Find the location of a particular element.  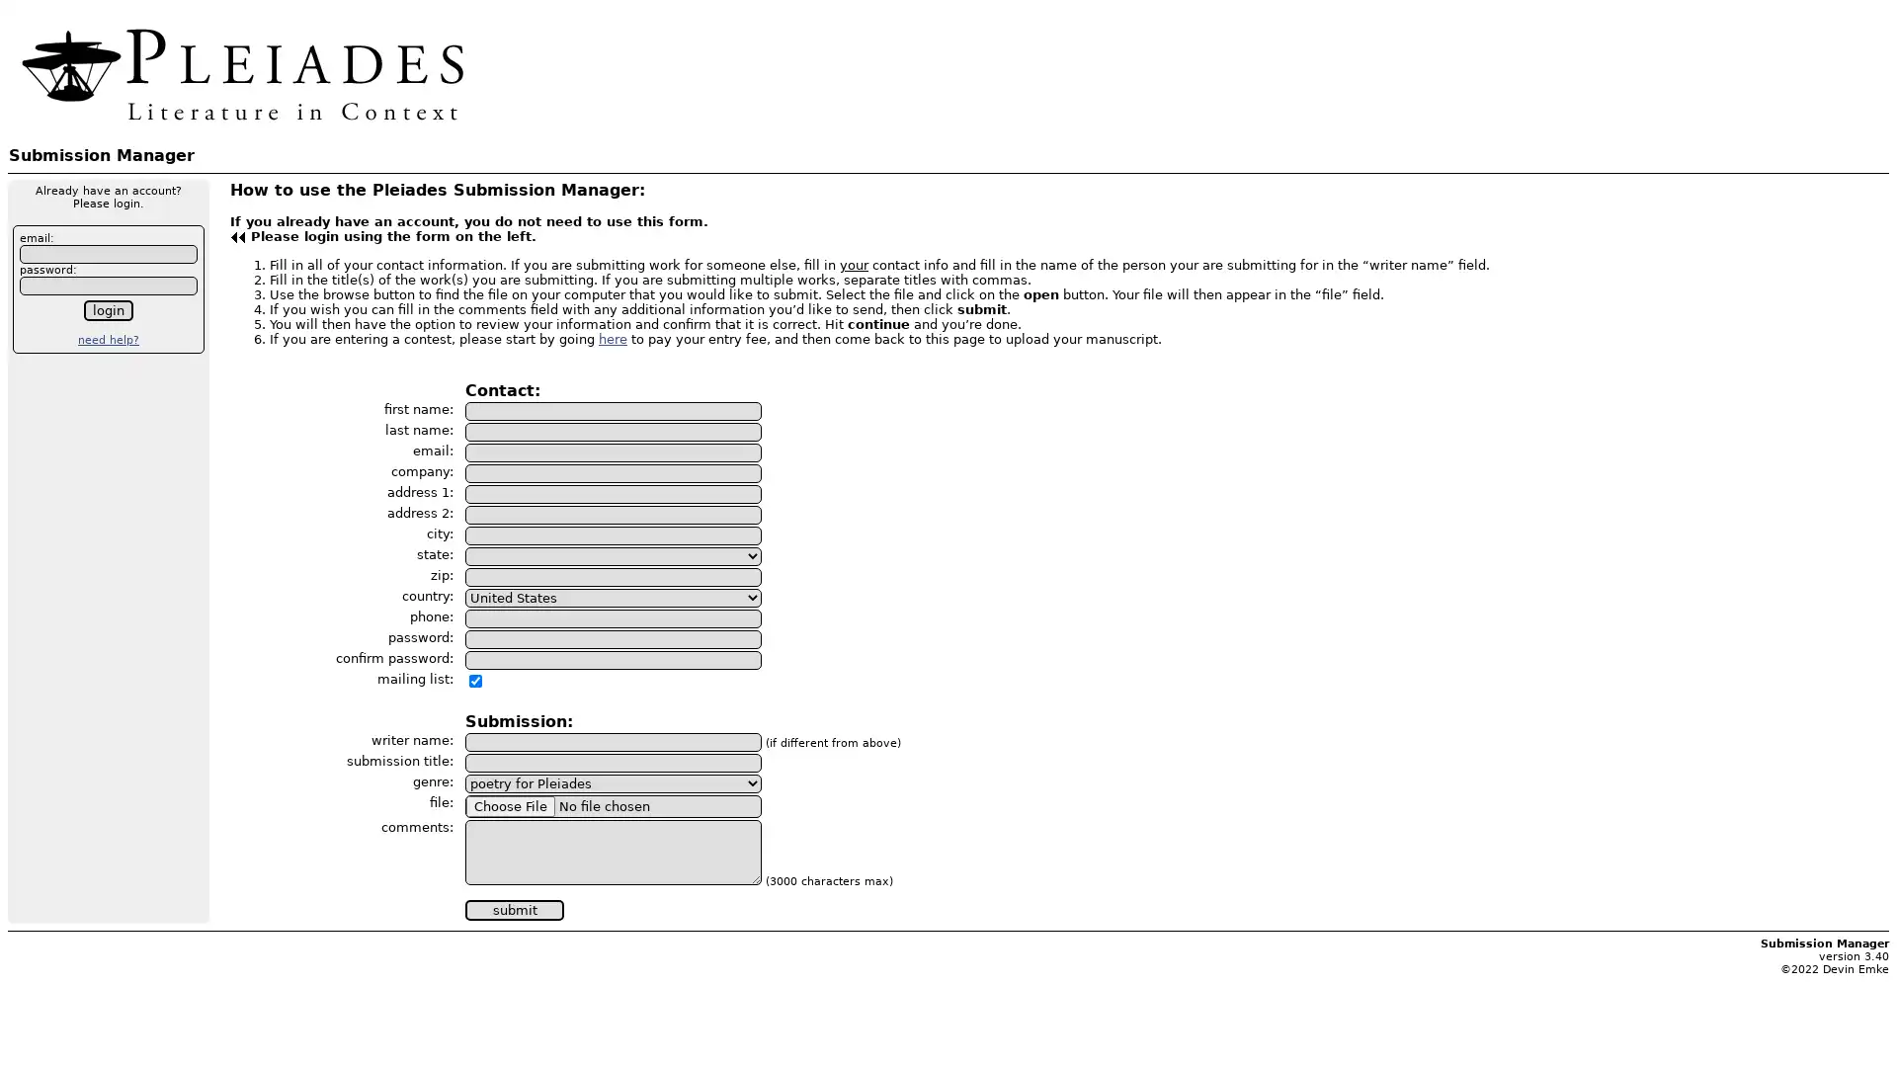

Choose File is located at coordinates (511, 805).